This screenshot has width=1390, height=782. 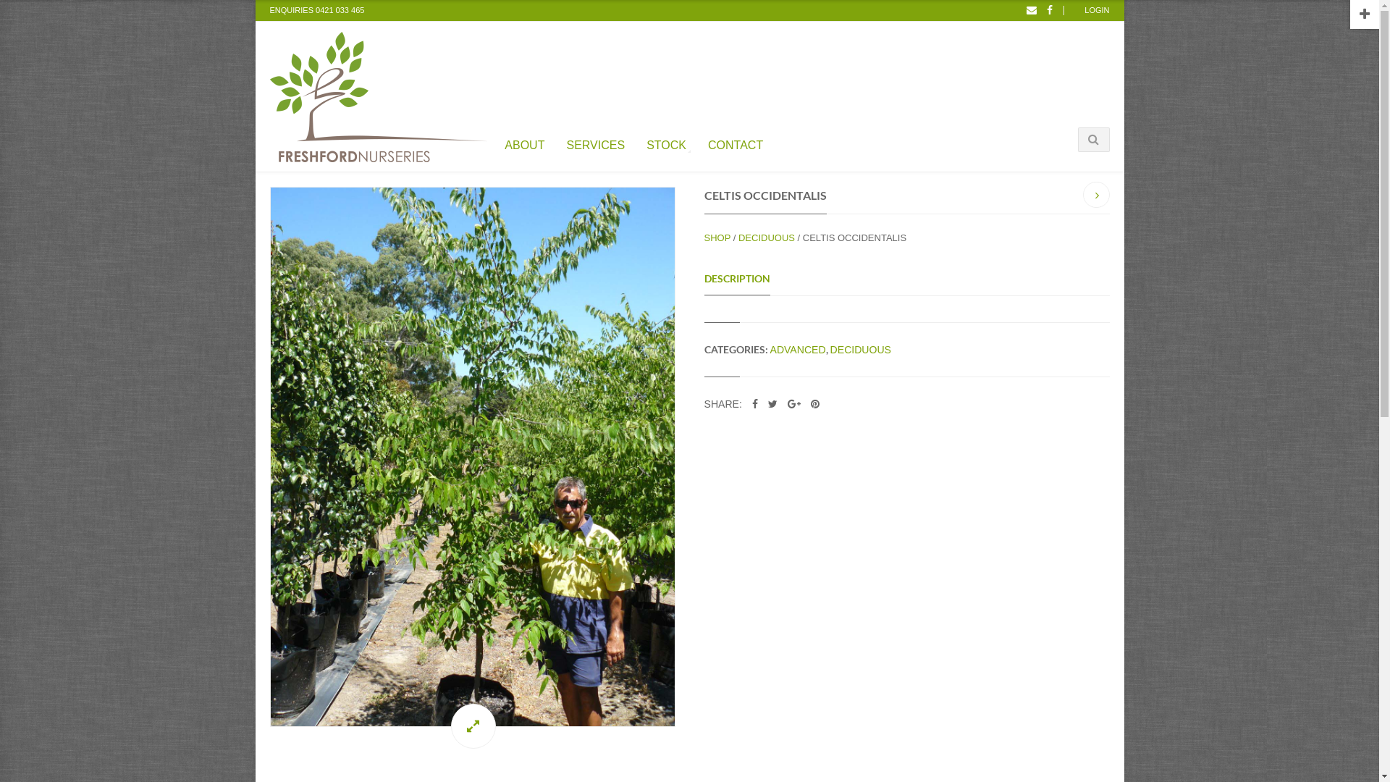 I want to click on 'CONTACT', so click(x=736, y=142).